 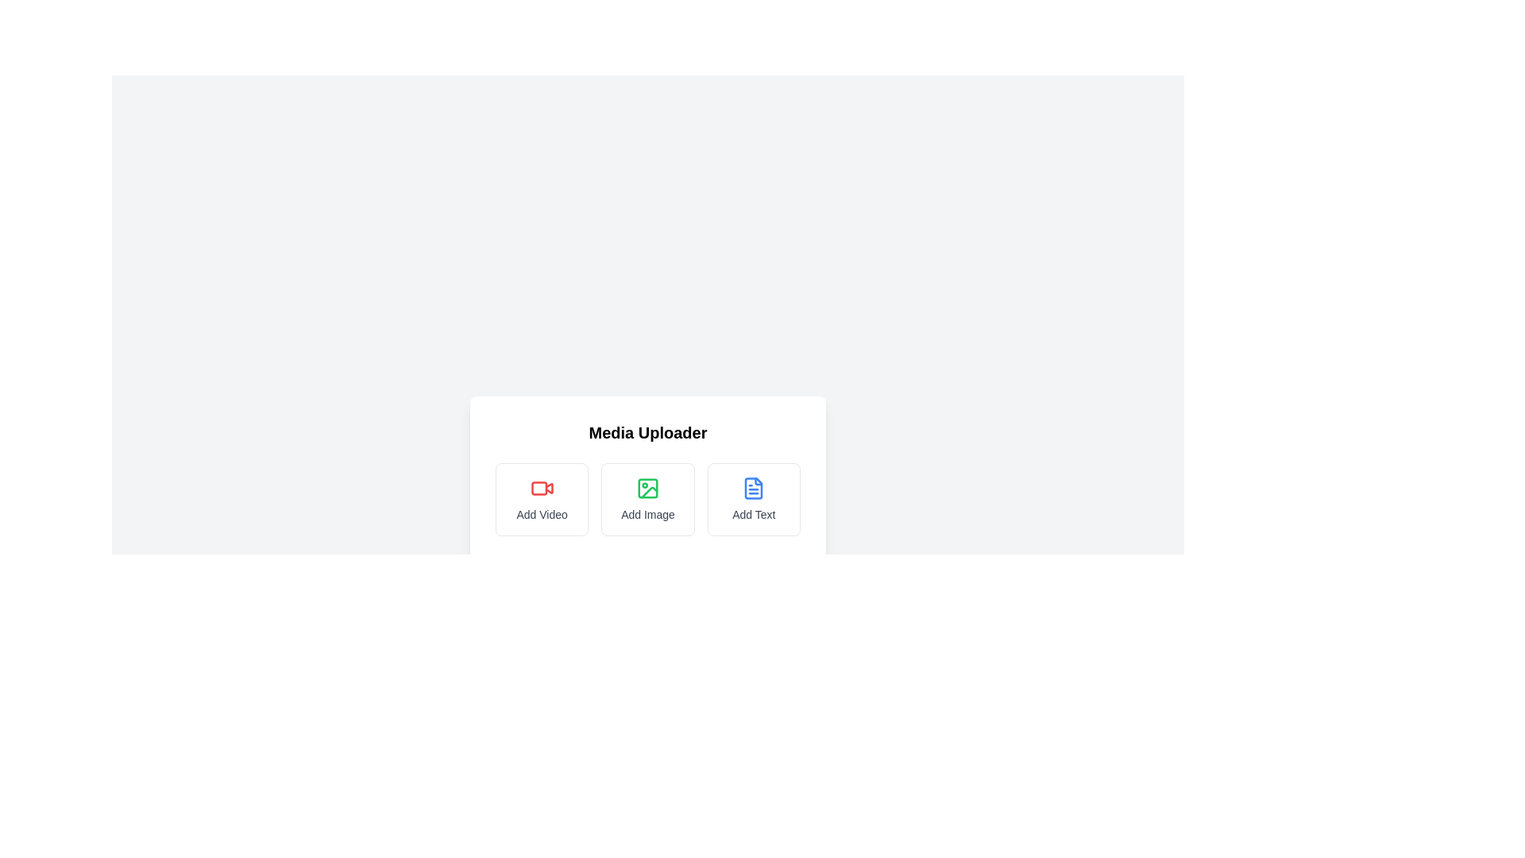 I want to click on the 'Add Video' icon located centrally within the 'Add Video' button to understand its purpose, so click(x=542, y=487).